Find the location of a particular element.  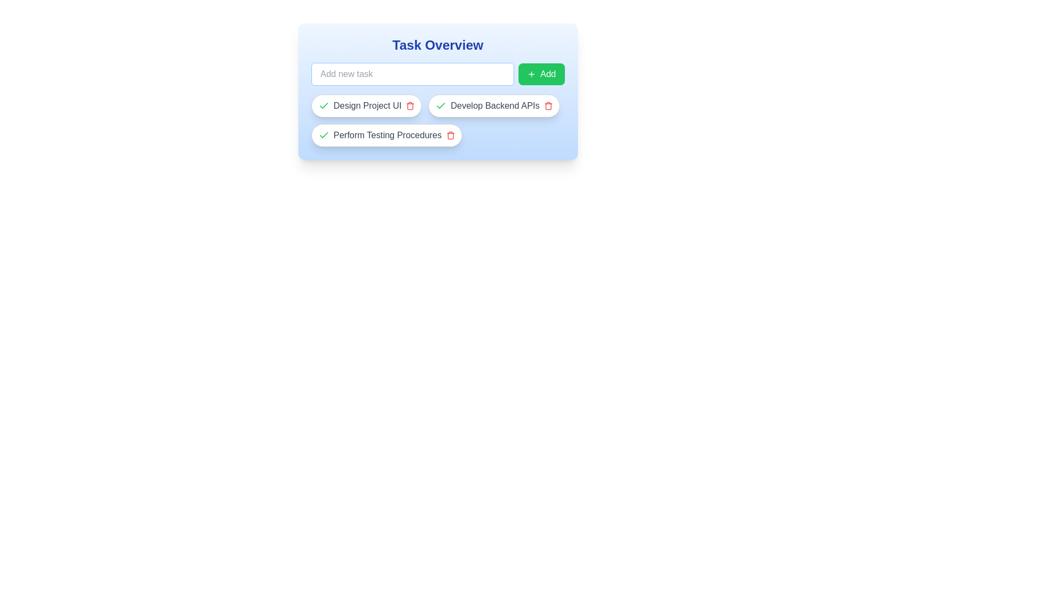

the trash icon next to the task labeled Design Project UI to remove it is located at coordinates (409, 105).